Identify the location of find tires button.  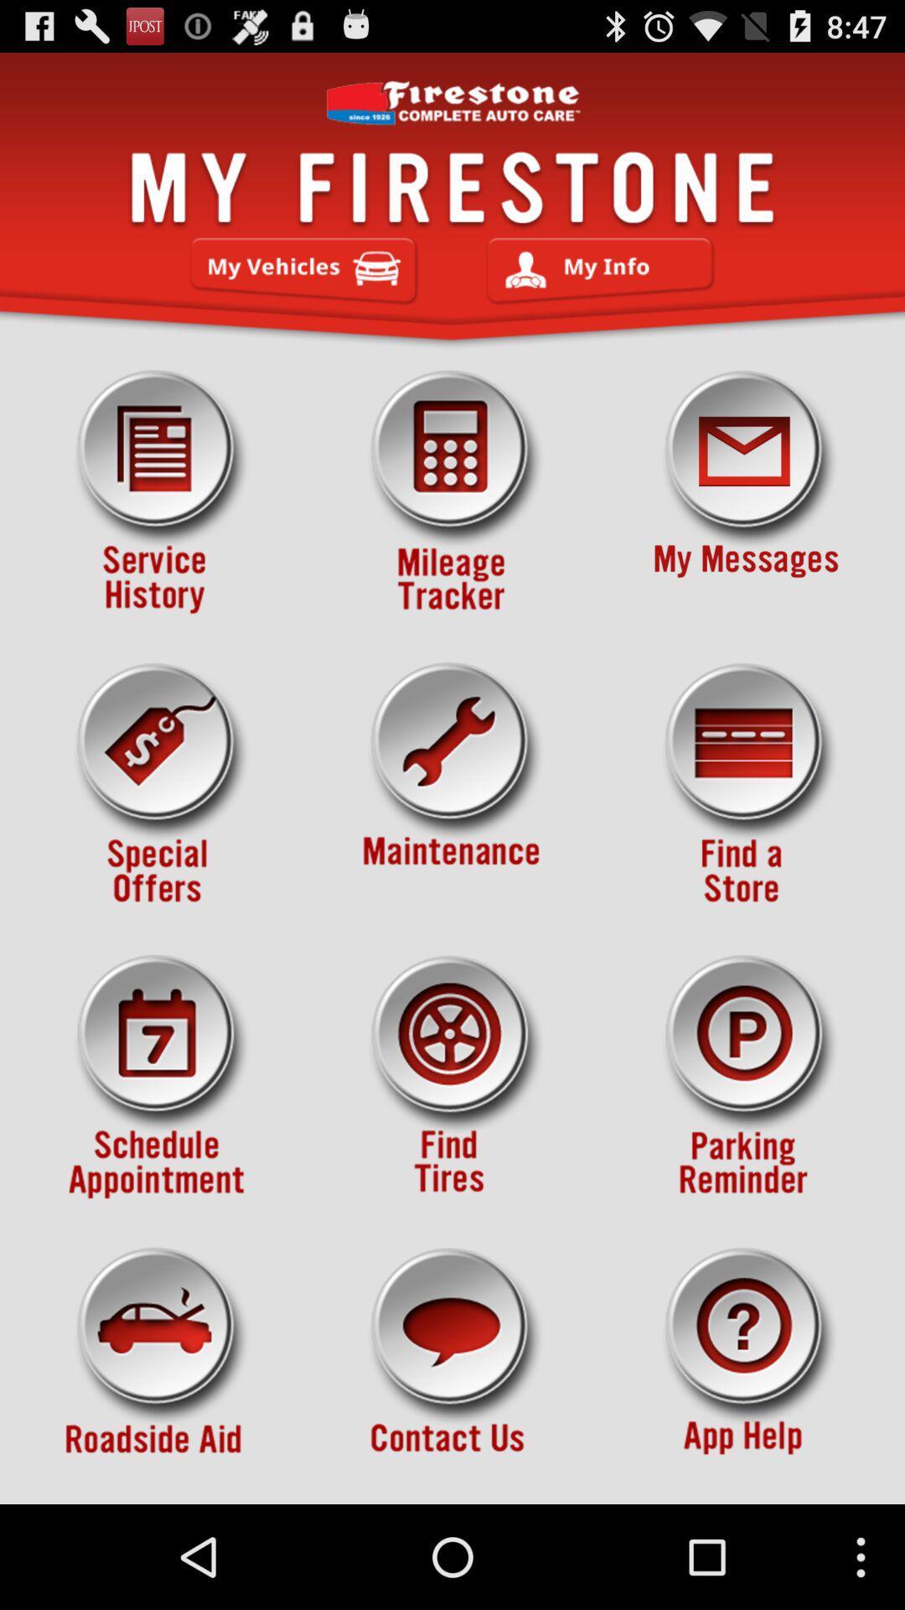
(452, 1077).